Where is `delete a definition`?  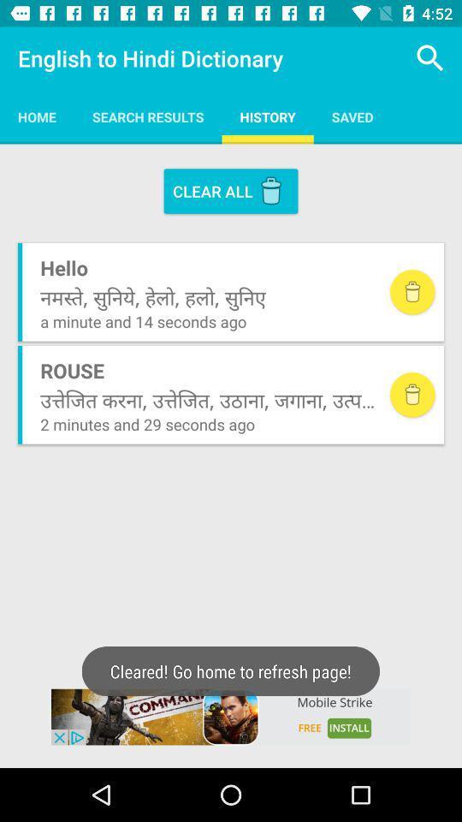
delete a definition is located at coordinates (412, 395).